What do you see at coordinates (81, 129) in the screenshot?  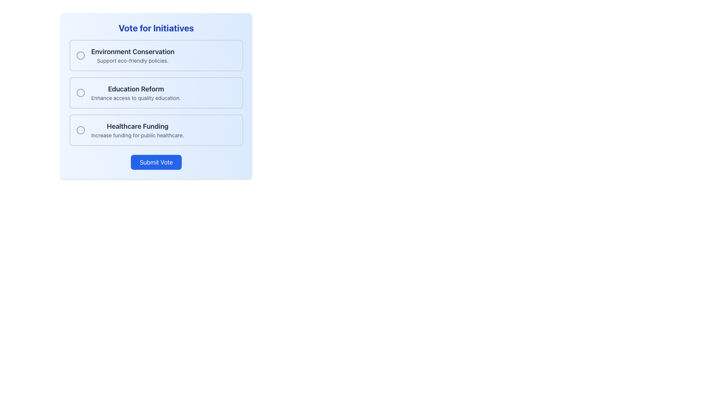 I see `the unselected radio button located to the left of the 'Healthcare Funding' label in the vertical list of choices` at bounding box center [81, 129].